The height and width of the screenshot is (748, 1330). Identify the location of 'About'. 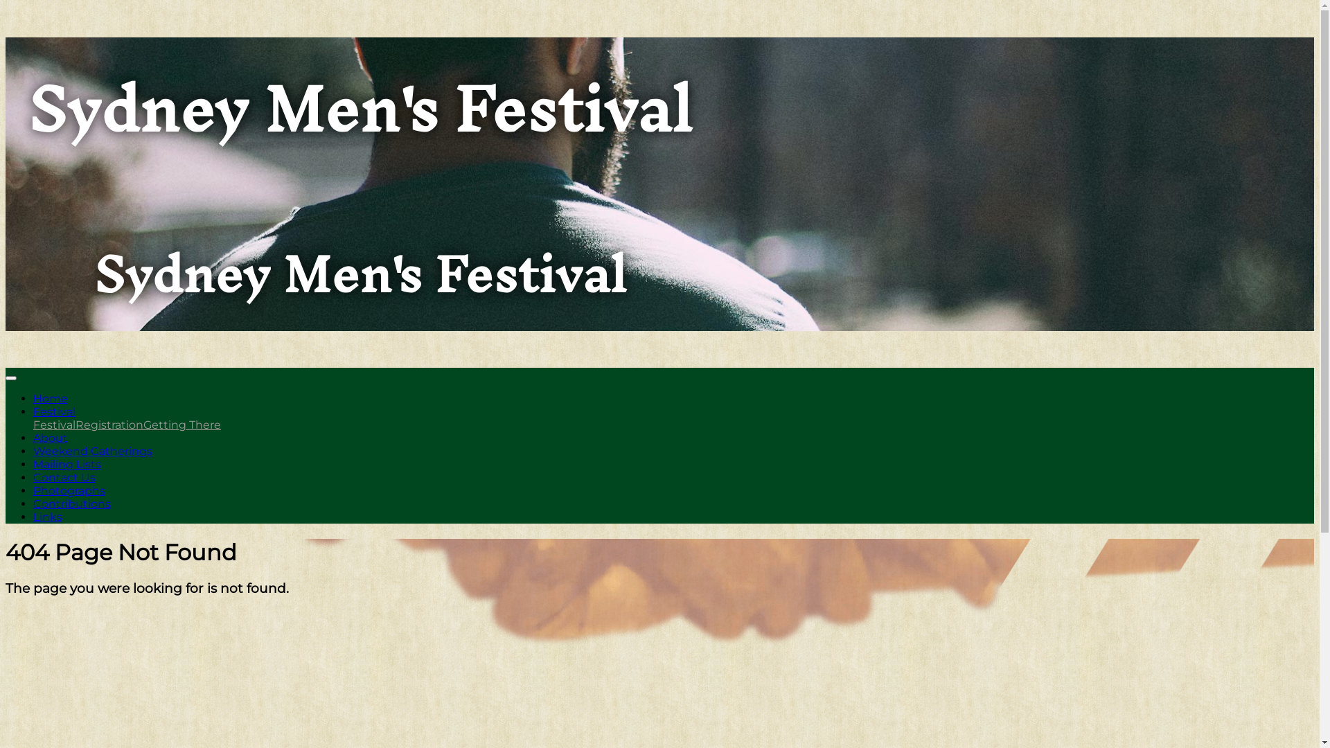
(50, 438).